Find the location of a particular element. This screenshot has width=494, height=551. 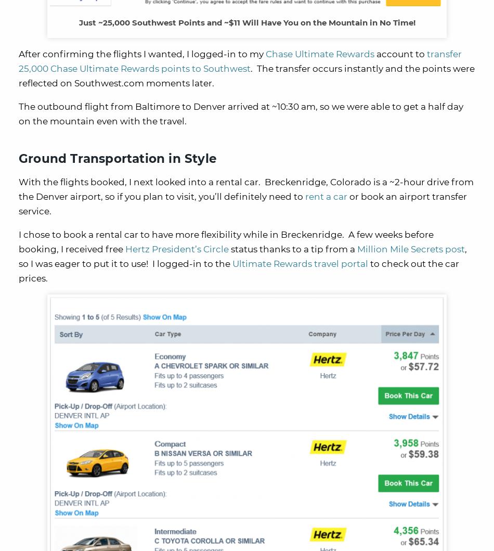

'Chase Ultimate Rewards' is located at coordinates (320, 54).